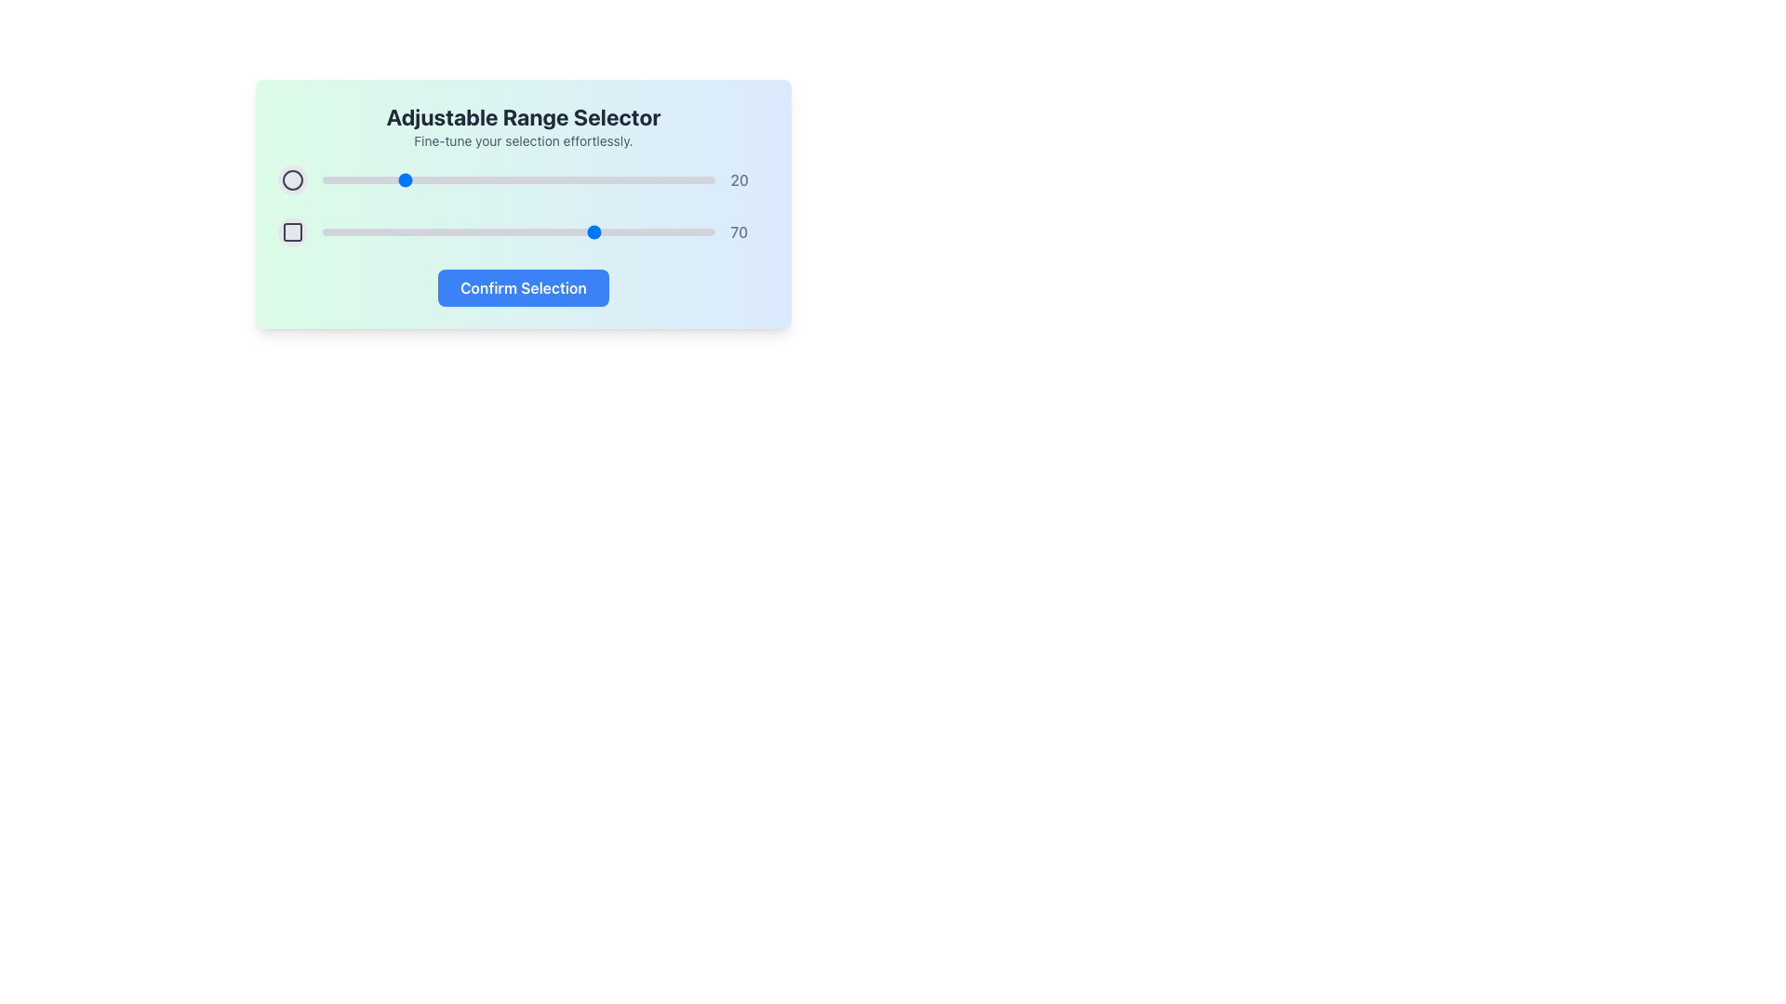 The height and width of the screenshot is (1004, 1786). Describe the element at coordinates (695, 179) in the screenshot. I see `slider` at that location.